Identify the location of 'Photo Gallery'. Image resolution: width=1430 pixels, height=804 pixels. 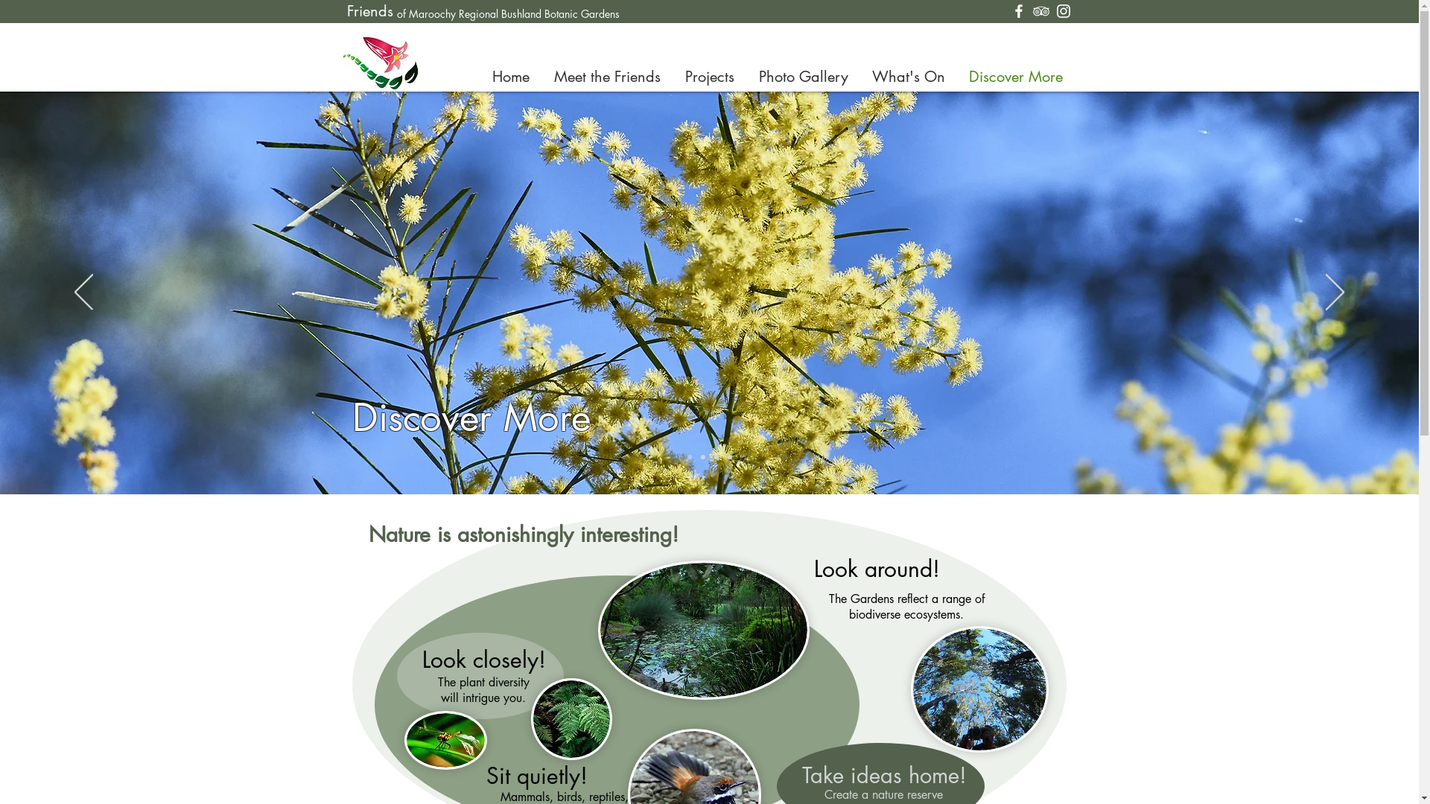
(802, 77).